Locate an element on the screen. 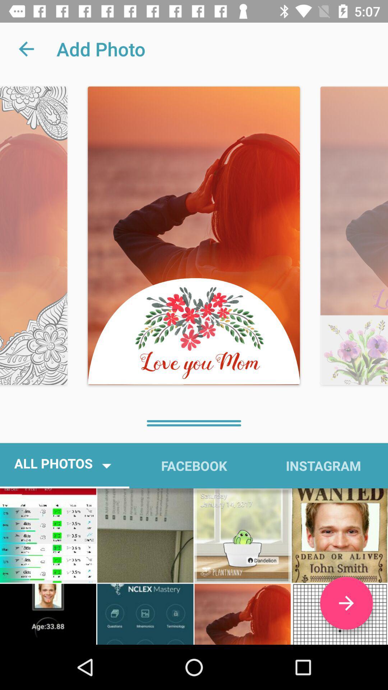 Image resolution: width=388 pixels, height=690 pixels. the arrow_forward icon is located at coordinates (346, 603).